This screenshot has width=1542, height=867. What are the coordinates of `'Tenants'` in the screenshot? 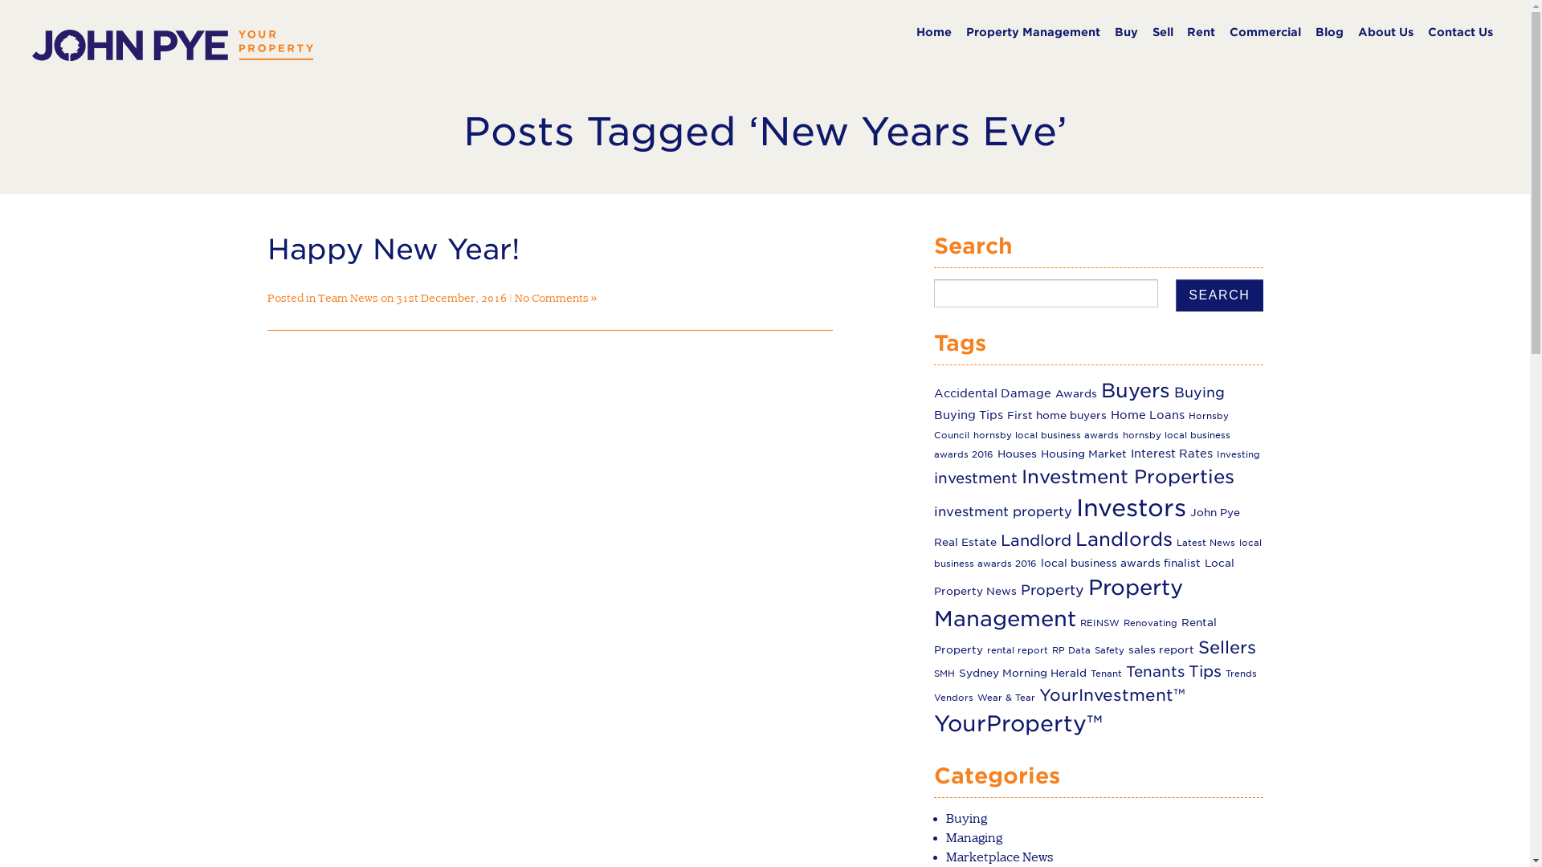 It's located at (1154, 671).